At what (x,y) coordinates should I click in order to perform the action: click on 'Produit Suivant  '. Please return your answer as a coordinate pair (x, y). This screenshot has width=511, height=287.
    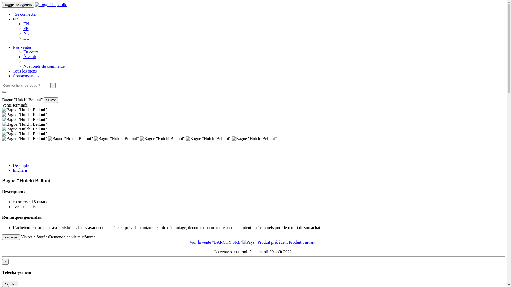
    Looking at the image, I should click on (288, 242).